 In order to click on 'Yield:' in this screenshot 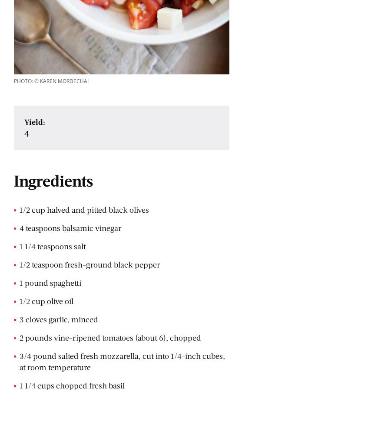, I will do `click(34, 121)`.